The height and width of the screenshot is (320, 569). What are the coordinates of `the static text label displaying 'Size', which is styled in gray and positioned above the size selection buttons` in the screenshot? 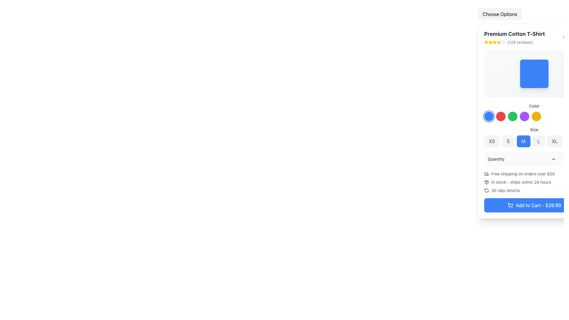 It's located at (534, 129).